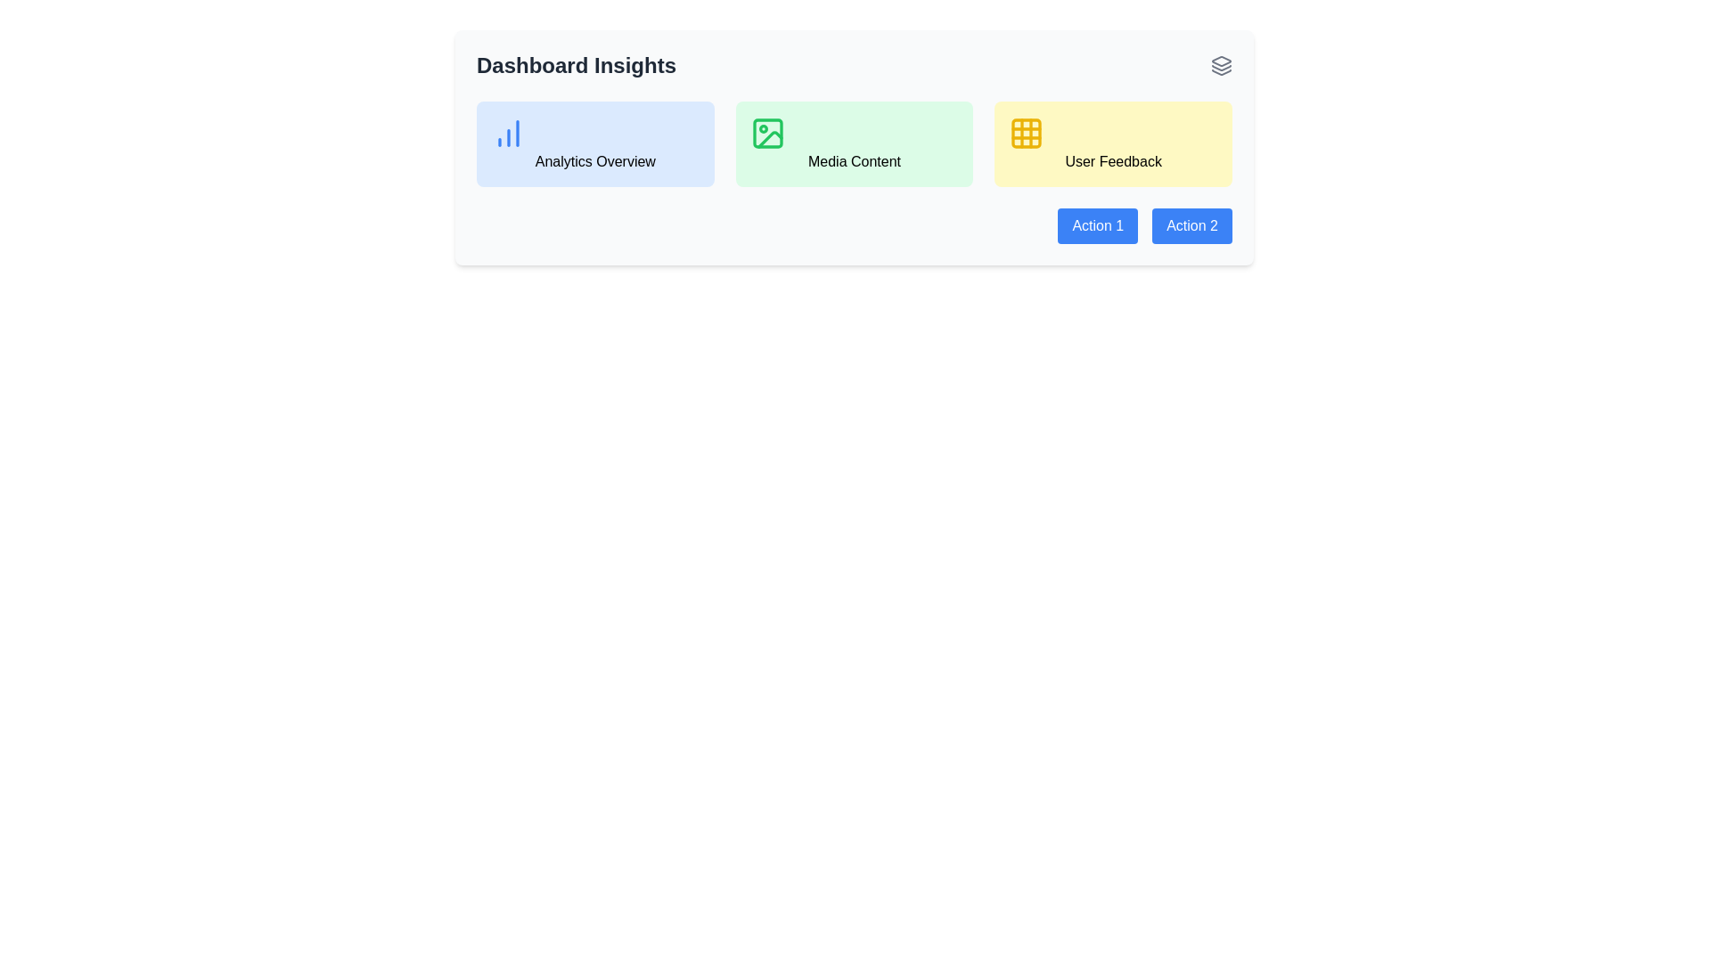 This screenshot has height=962, width=1711. What do you see at coordinates (1192, 225) in the screenshot?
I see `the rectangular button with rounded corners labeled 'Action 2'` at bounding box center [1192, 225].